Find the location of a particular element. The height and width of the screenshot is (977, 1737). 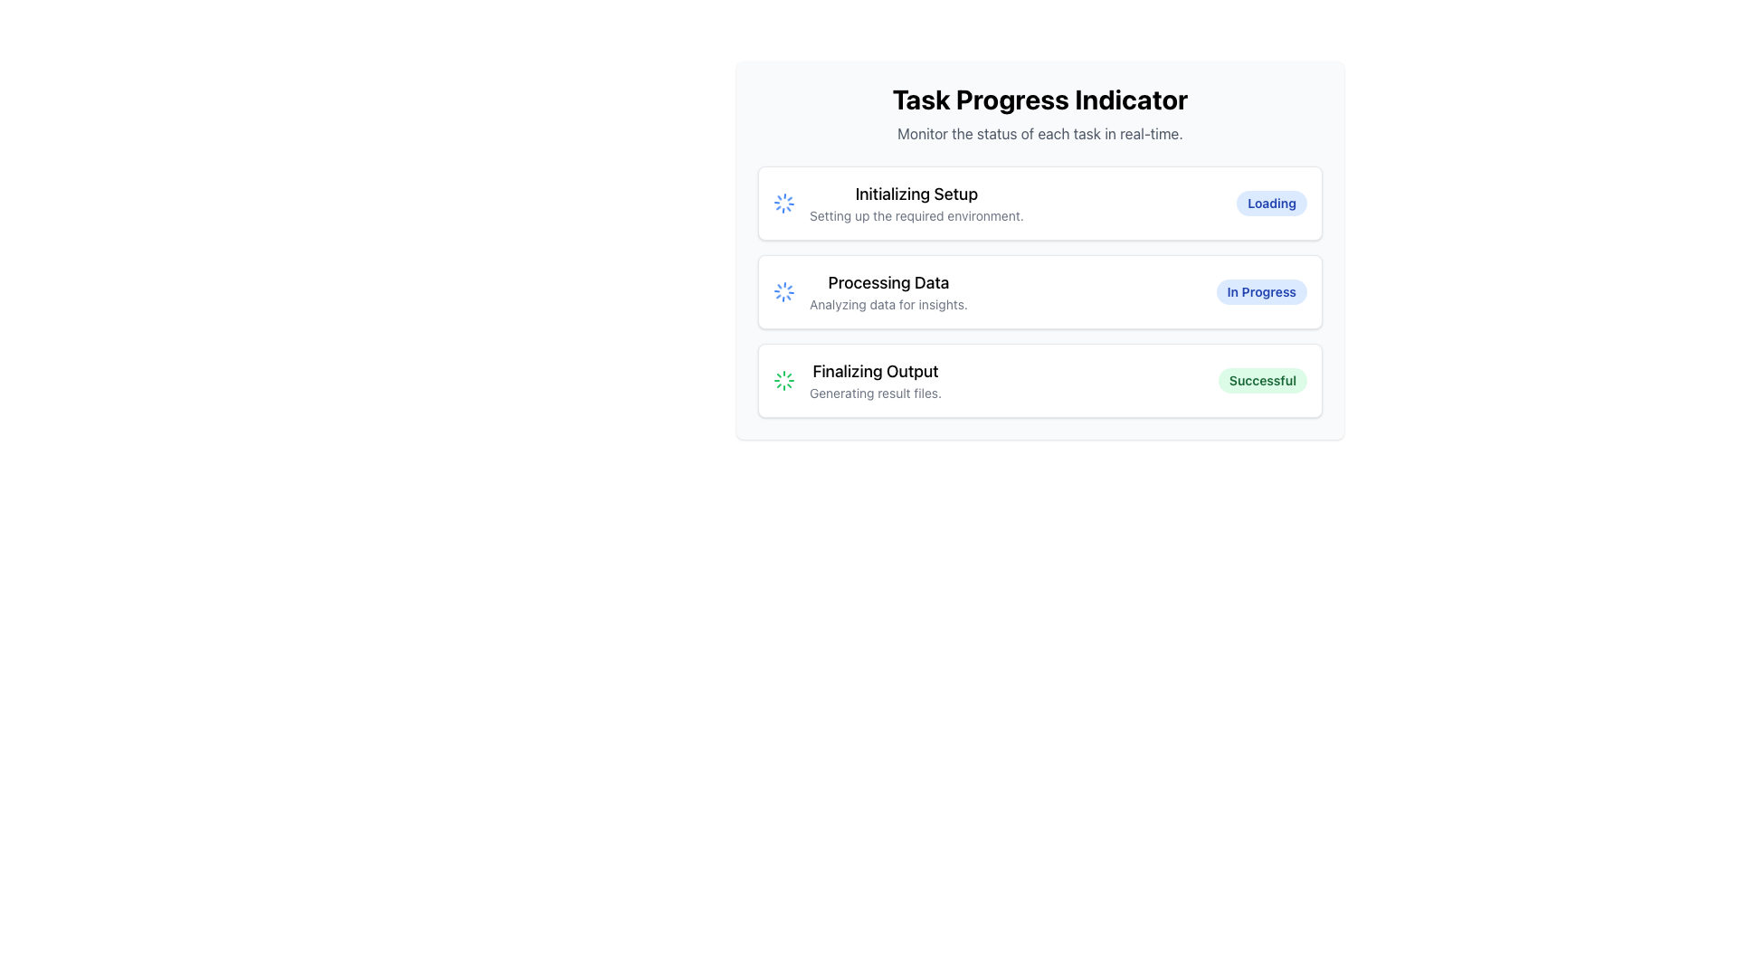

the text display that reads 'Monitor the status of each task in real-time.' located below the title 'Task Progress Indicator' is located at coordinates (1040, 132).